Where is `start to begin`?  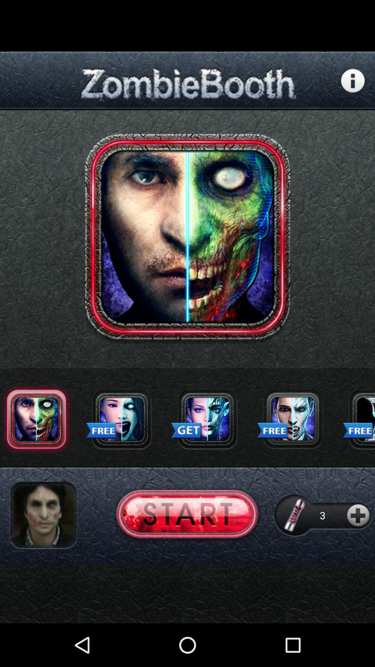 start to begin is located at coordinates (187, 515).